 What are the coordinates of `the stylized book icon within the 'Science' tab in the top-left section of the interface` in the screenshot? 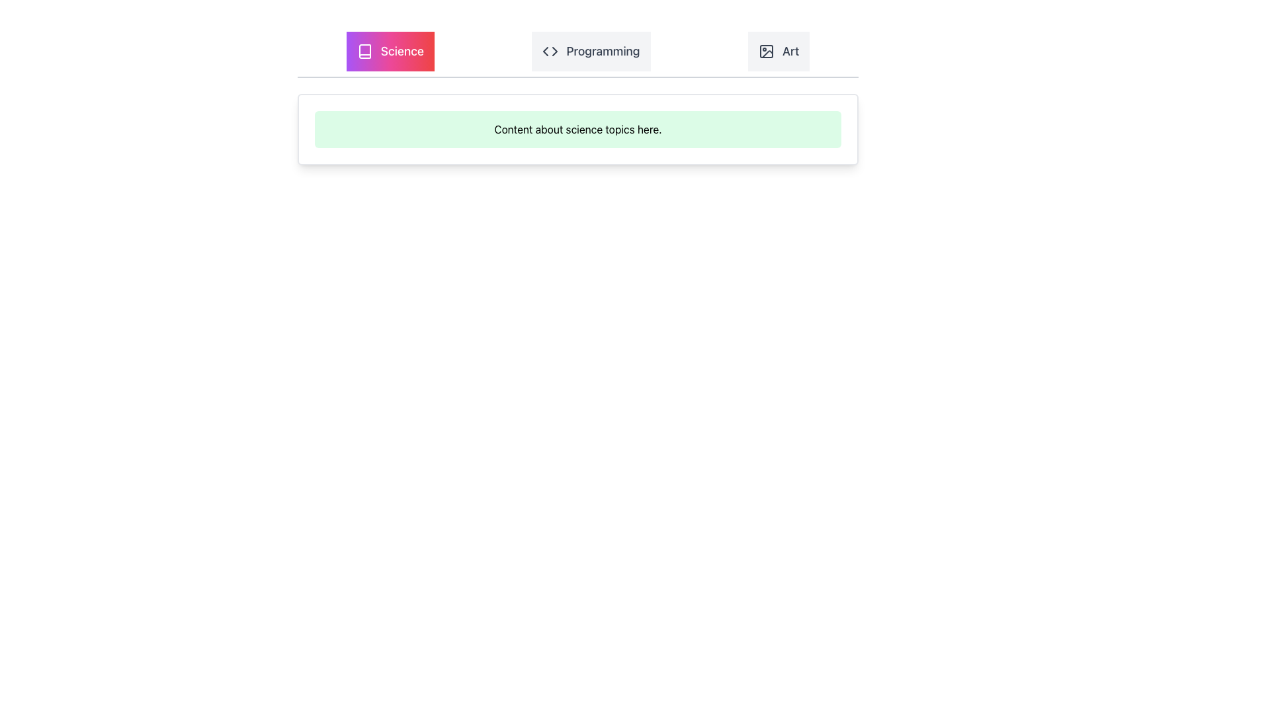 It's located at (364, 50).